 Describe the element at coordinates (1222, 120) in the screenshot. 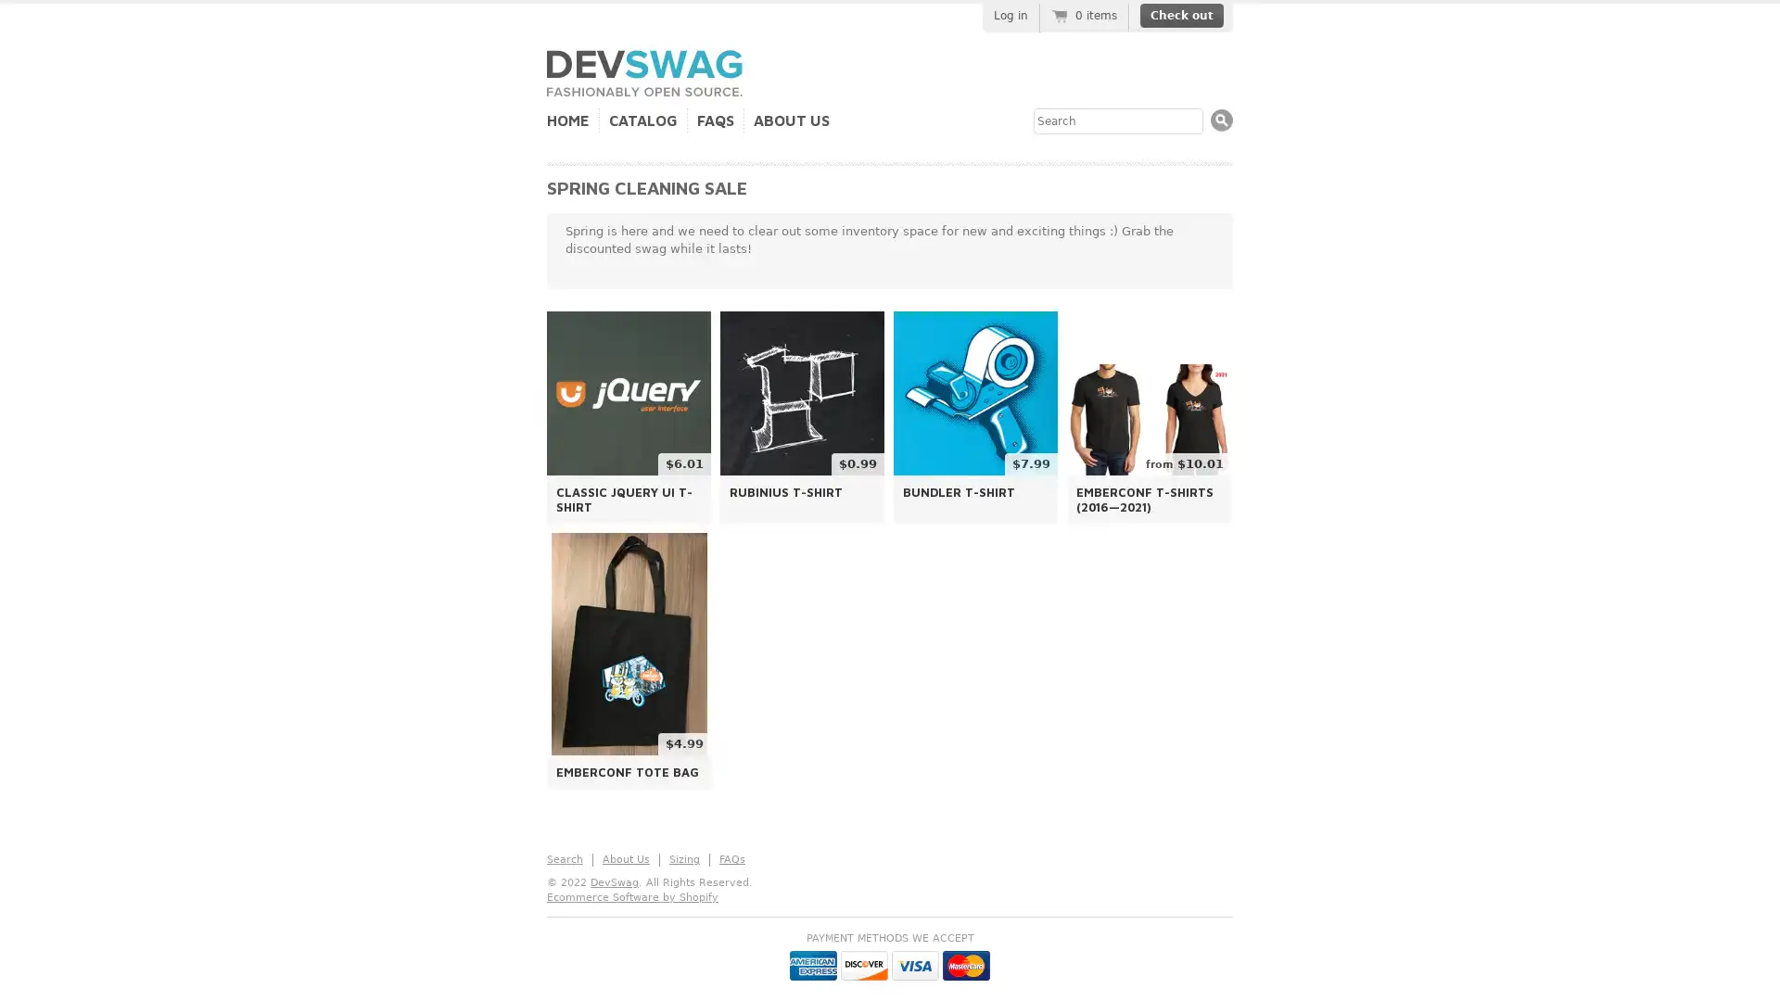

I see `Search` at that location.